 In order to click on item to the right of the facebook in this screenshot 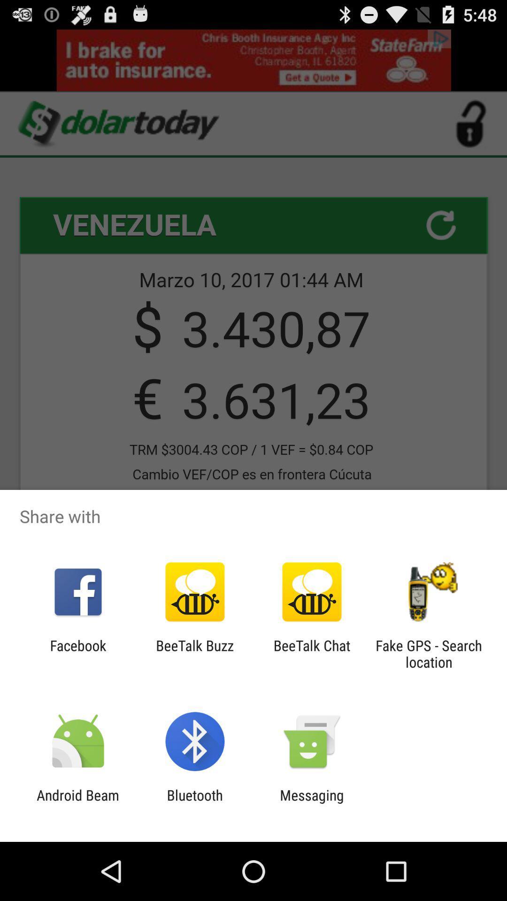, I will do `click(194, 653)`.